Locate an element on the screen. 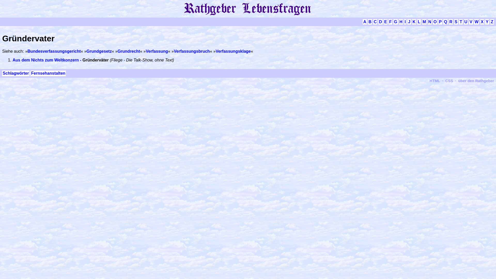  'Bundesverfassungsgericht' is located at coordinates (54, 51).